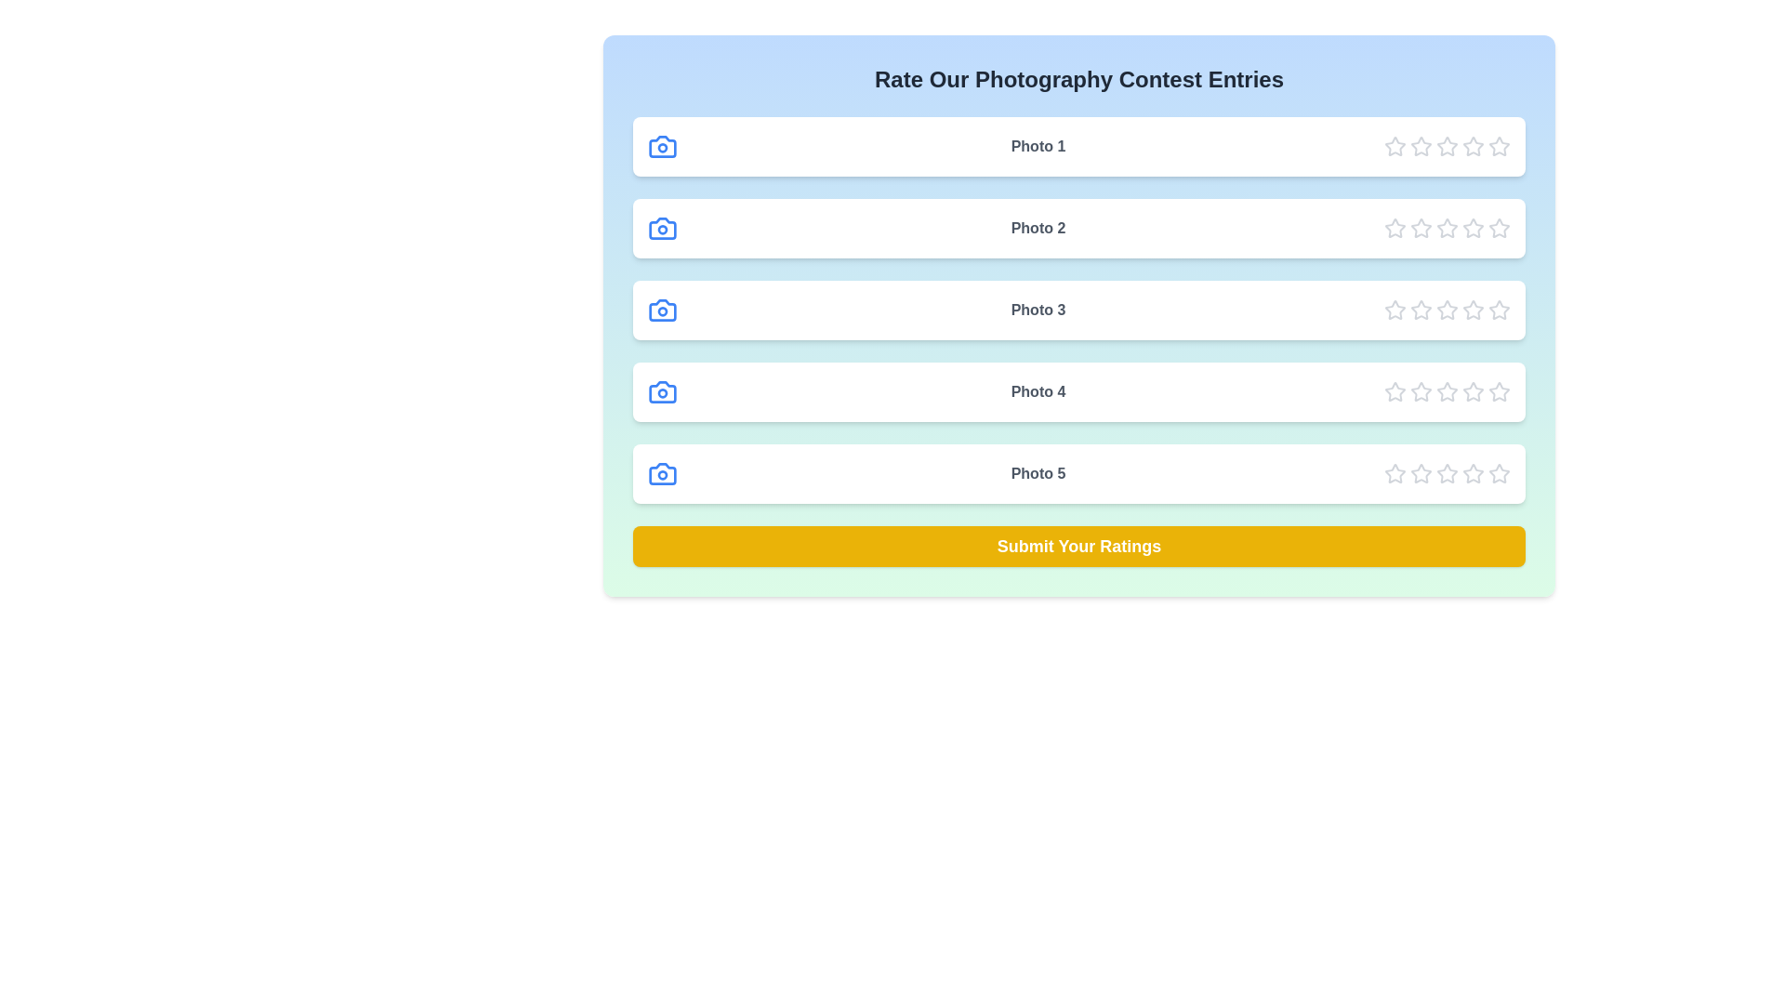  I want to click on the 'Submit Your Ratings' button to finalize ratings, so click(1079, 545).